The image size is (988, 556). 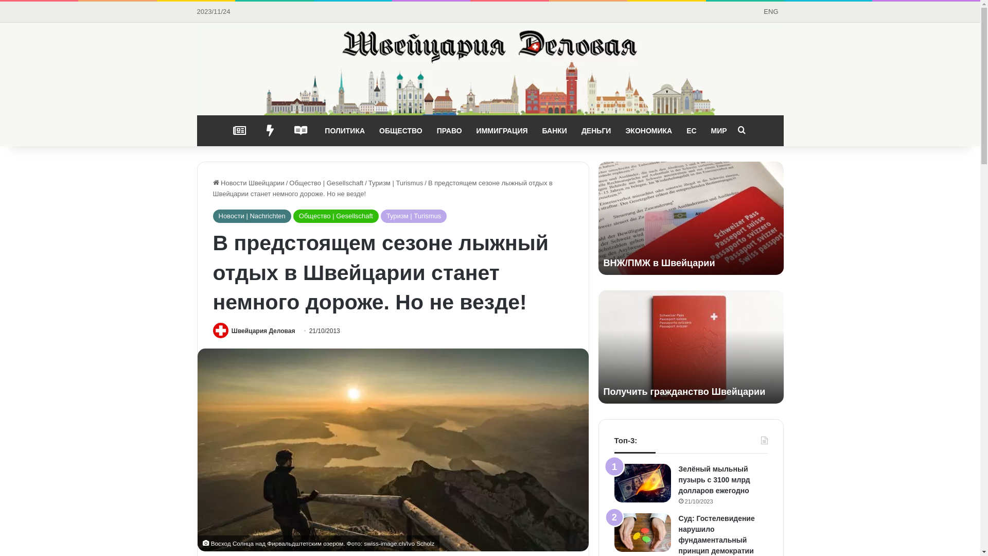 What do you see at coordinates (770, 12) in the screenshot?
I see `'ENG'` at bounding box center [770, 12].